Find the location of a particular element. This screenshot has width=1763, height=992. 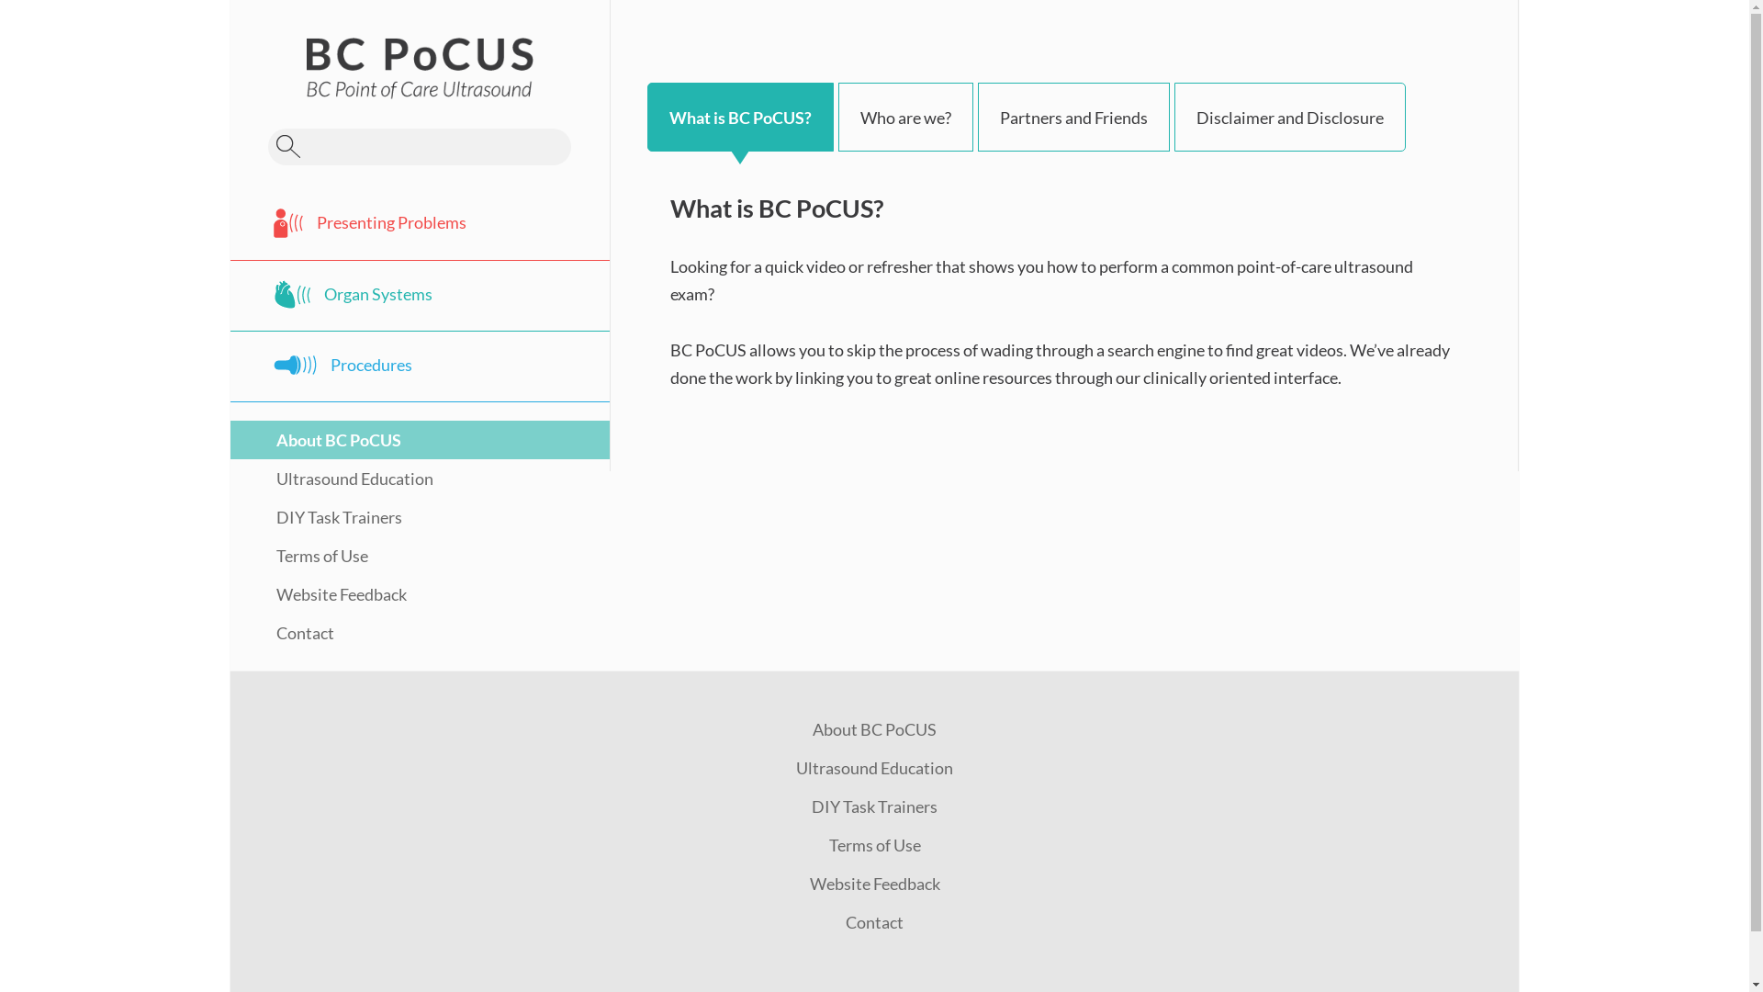

'Who are we?' is located at coordinates (905, 117).